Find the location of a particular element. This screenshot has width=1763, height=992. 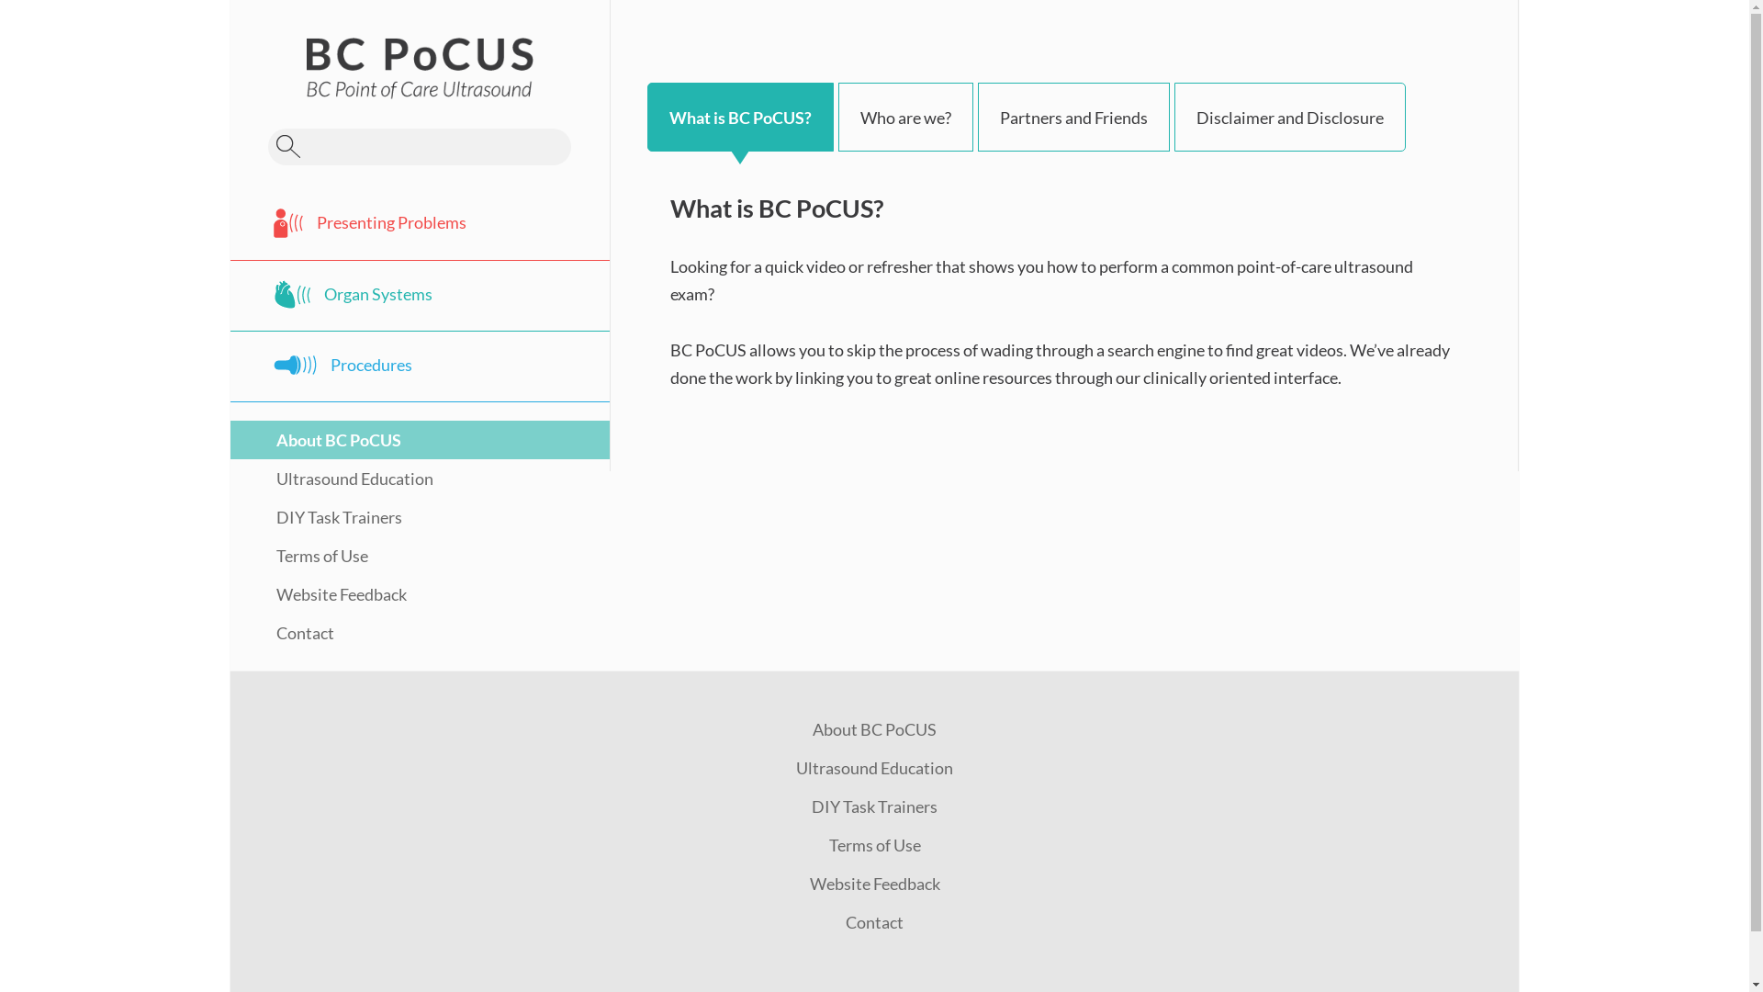

'Who are we?' is located at coordinates (905, 117).